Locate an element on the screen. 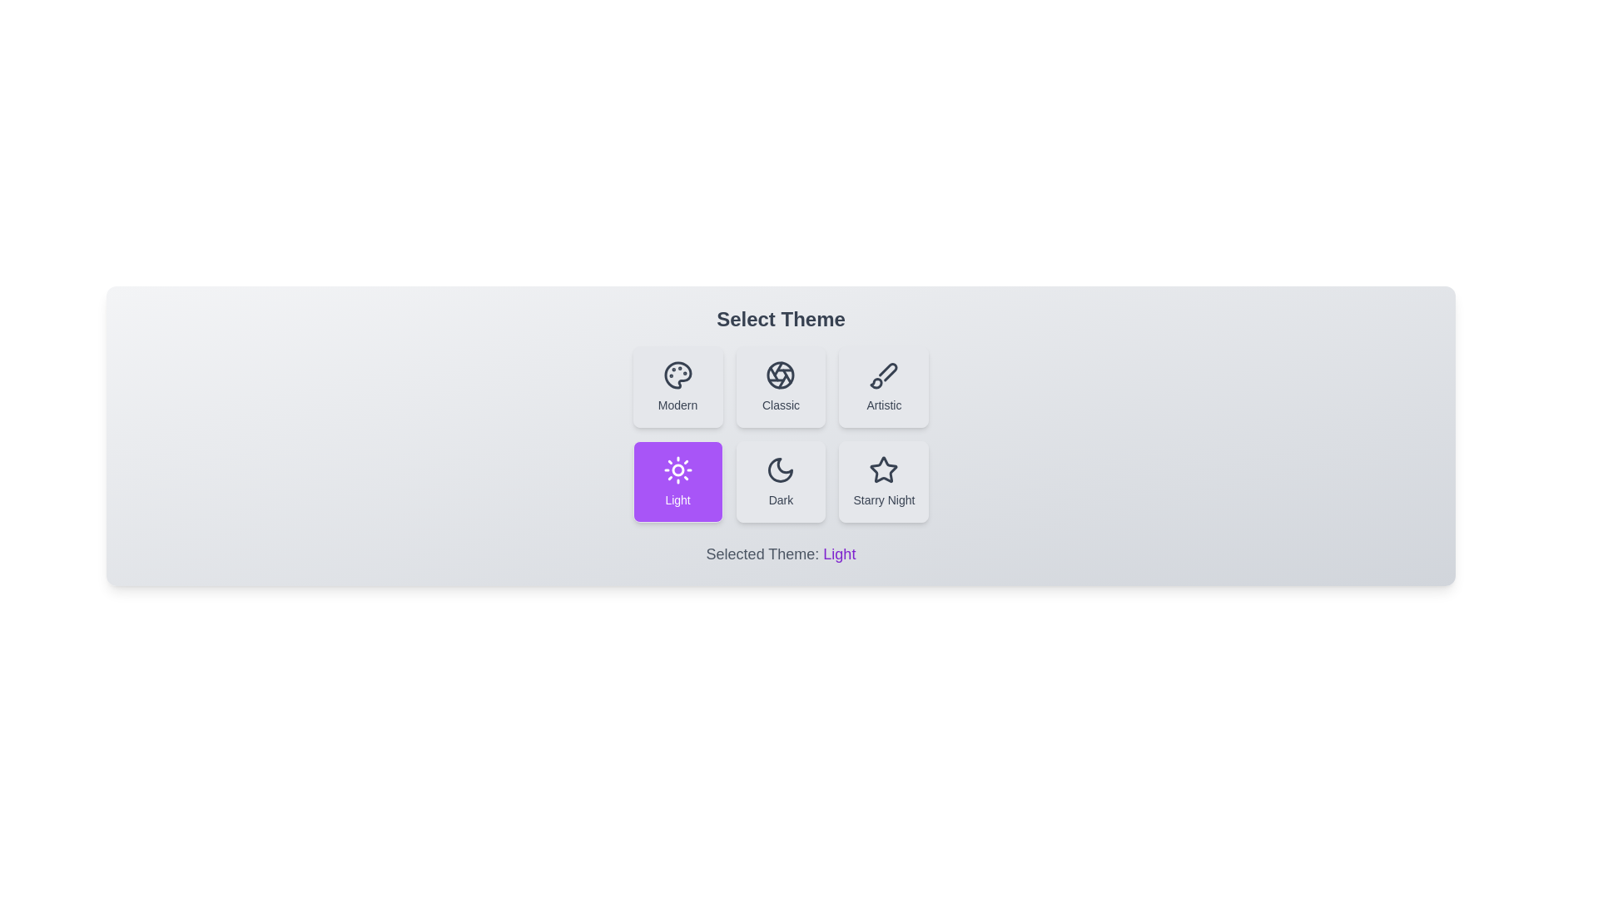 This screenshot has height=899, width=1598. the theme button labeled 'Modern' to preview its effect is located at coordinates (677, 387).